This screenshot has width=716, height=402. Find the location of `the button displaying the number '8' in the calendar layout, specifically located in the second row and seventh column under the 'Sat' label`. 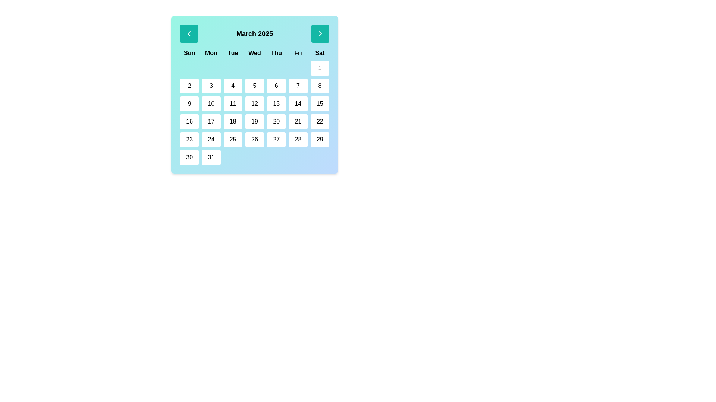

the button displaying the number '8' in the calendar layout, specifically located in the second row and seventh column under the 'Sat' label is located at coordinates (320, 86).